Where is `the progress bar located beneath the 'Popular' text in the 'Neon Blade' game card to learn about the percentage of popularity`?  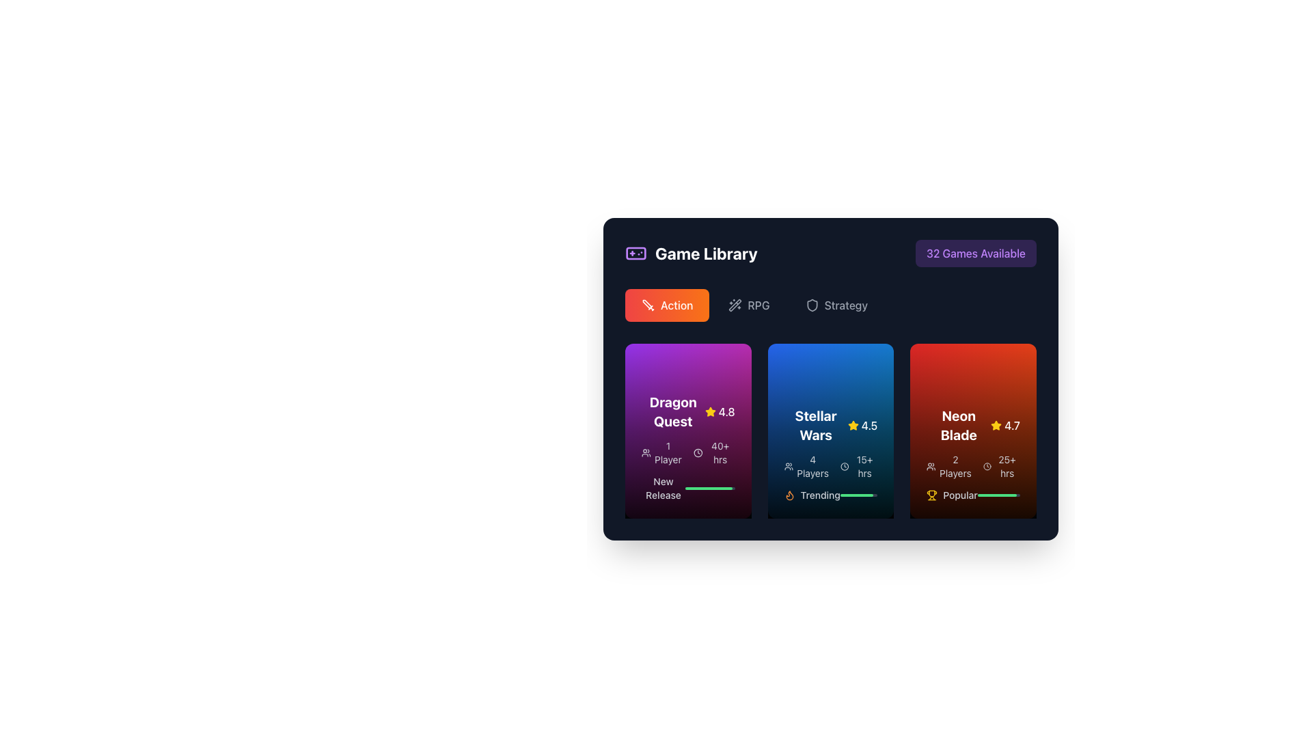
the progress bar located beneath the 'Popular' text in the 'Neon Blade' game card to learn about the percentage of popularity is located at coordinates (998, 495).